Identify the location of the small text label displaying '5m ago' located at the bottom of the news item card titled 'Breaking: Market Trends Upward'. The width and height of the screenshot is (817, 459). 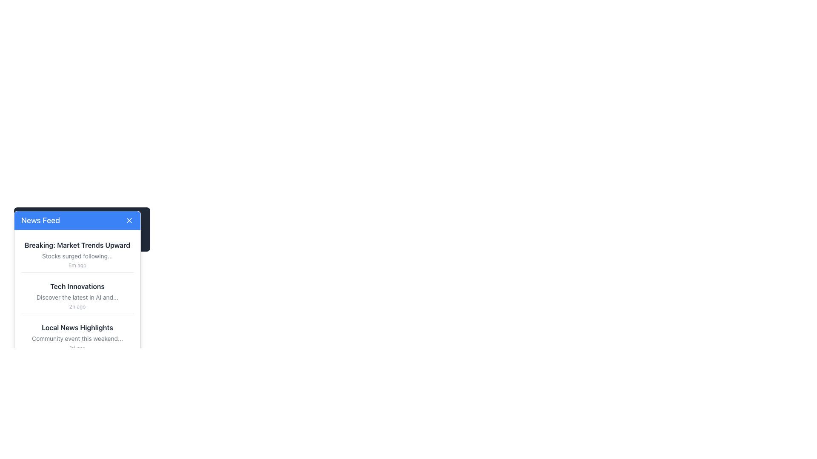
(77, 265).